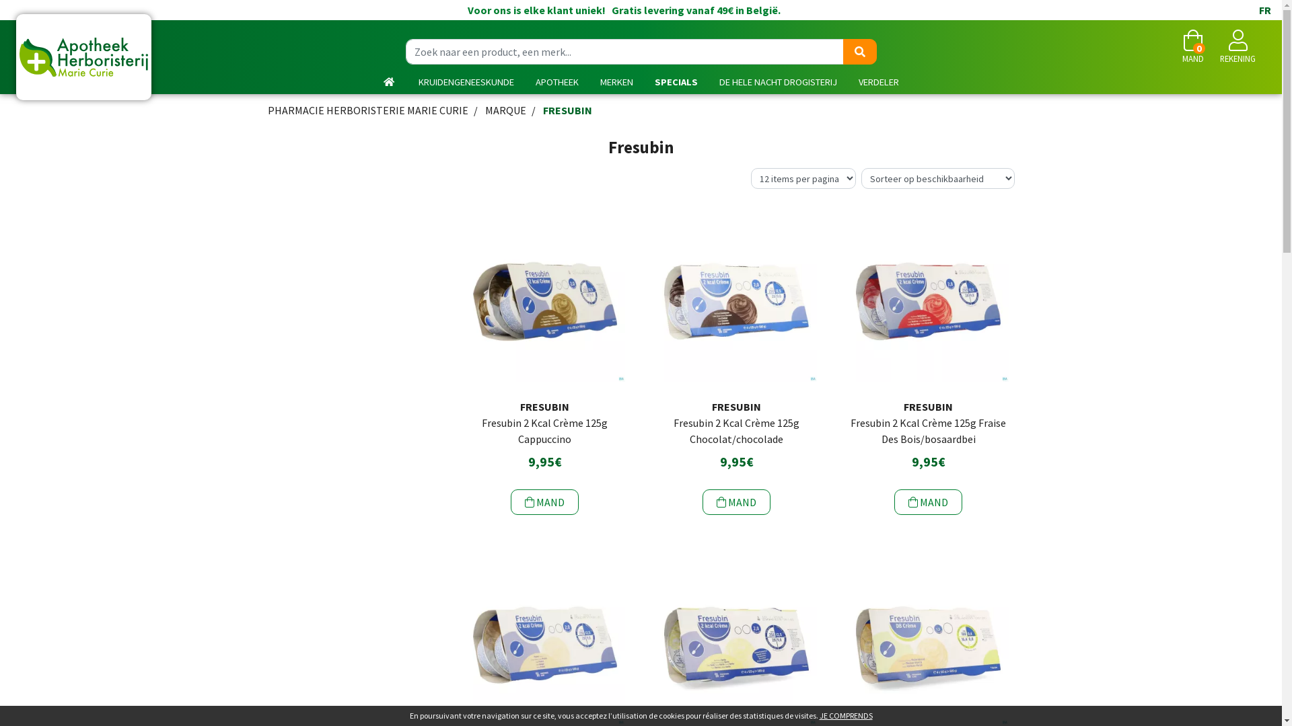 The width and height of the screenshot is (1292, 726). What do you see at coordinates (557, 83) in the screenshot?
I see `'APOTHEEK'` at bounding box center [557, 83].